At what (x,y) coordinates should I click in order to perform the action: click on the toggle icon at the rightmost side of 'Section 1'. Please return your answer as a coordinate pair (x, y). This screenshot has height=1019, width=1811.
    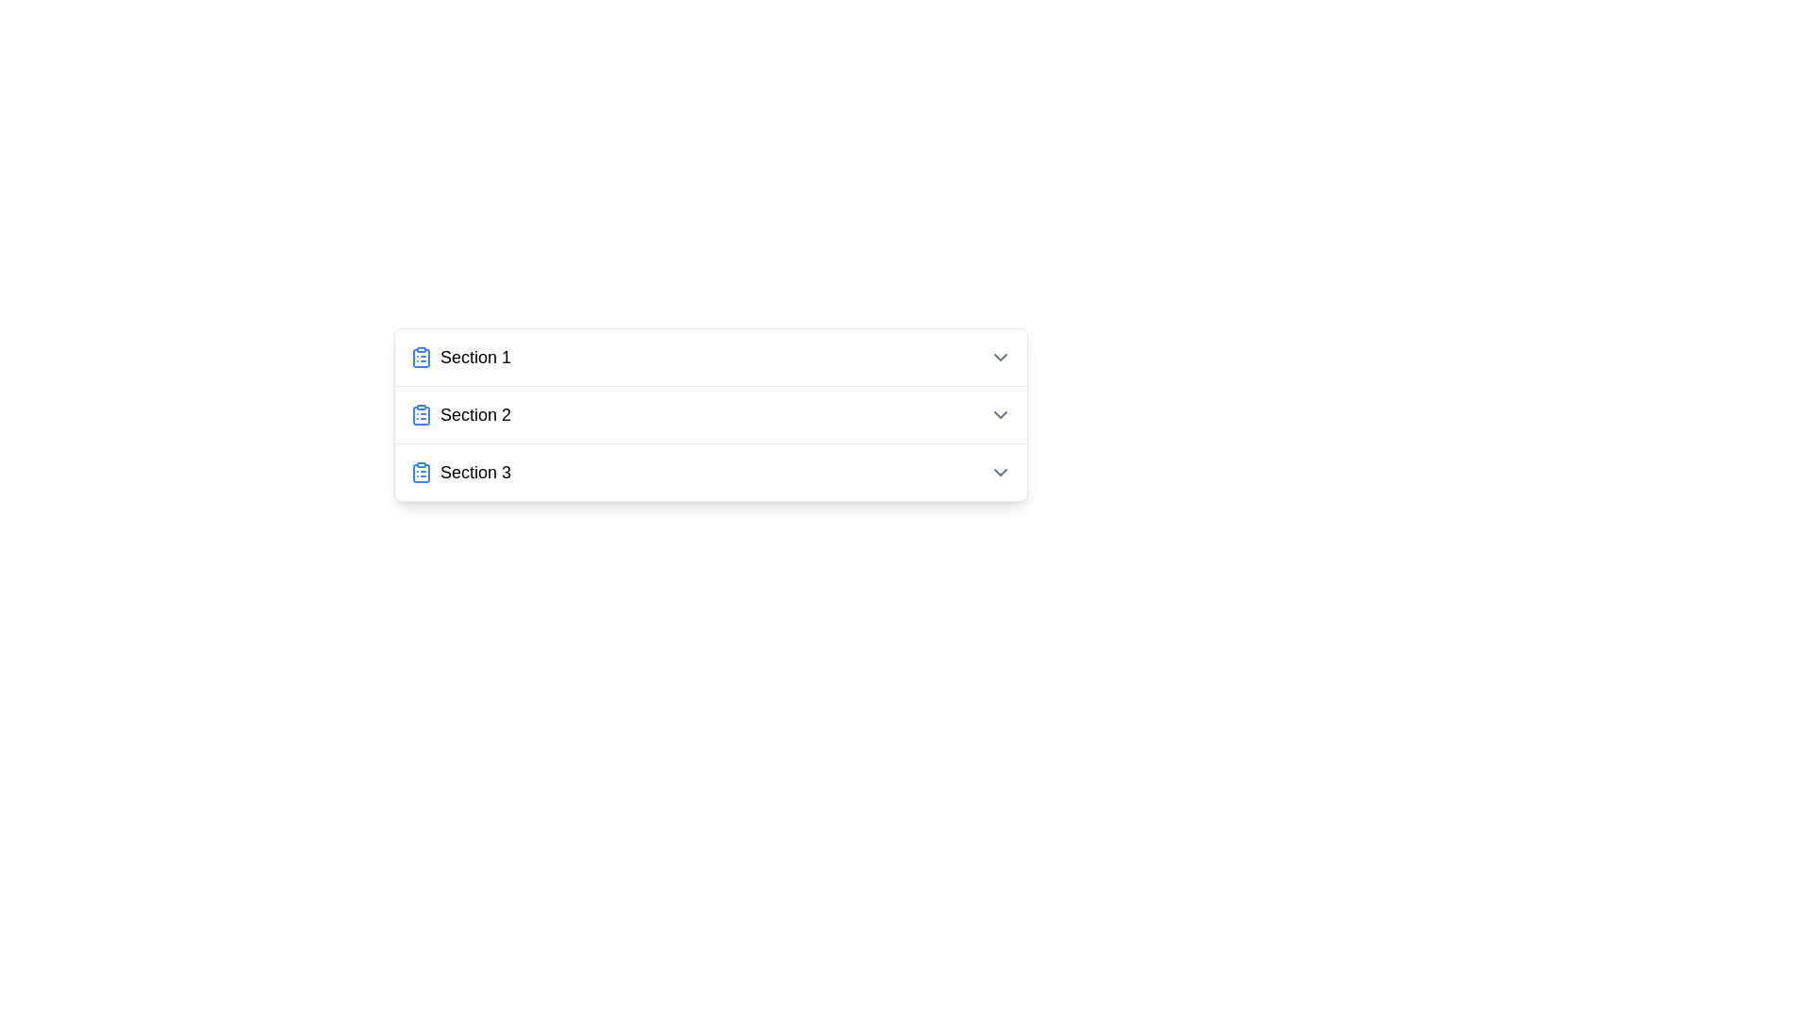
    Looking at the image, I should click on (999, 357).